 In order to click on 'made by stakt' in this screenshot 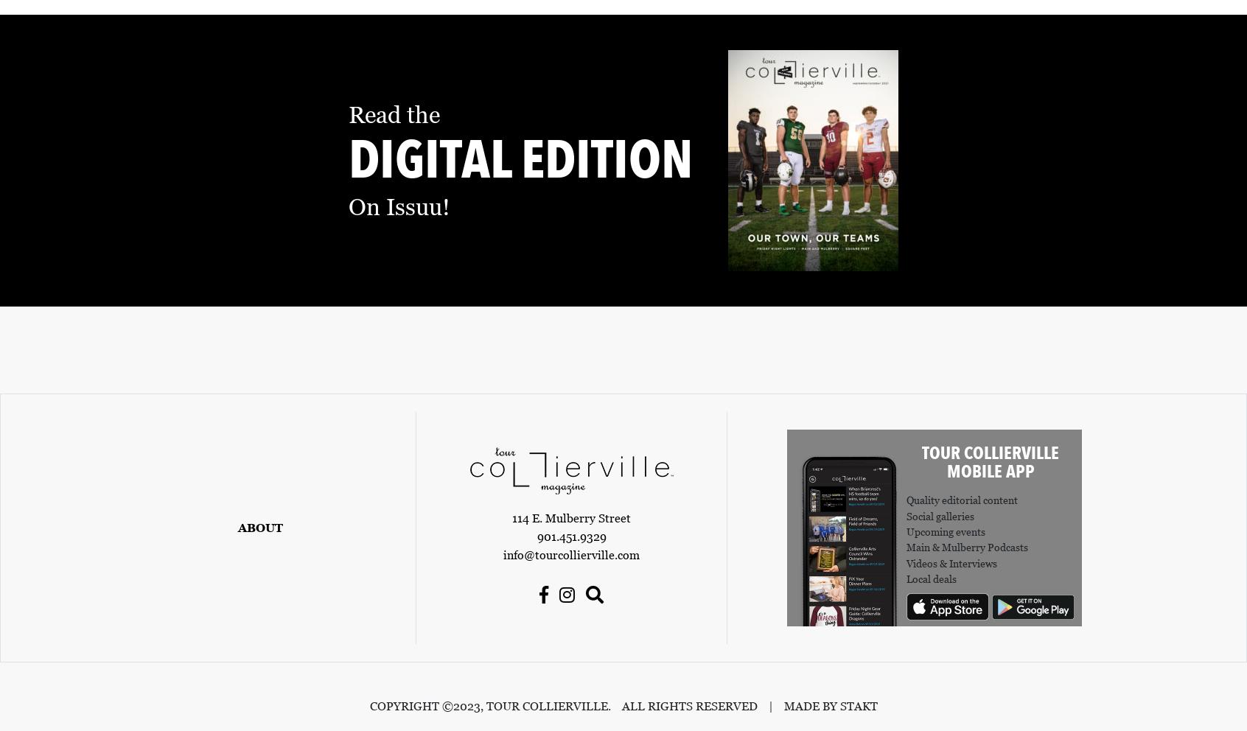, I will do `click(830, 706)`.